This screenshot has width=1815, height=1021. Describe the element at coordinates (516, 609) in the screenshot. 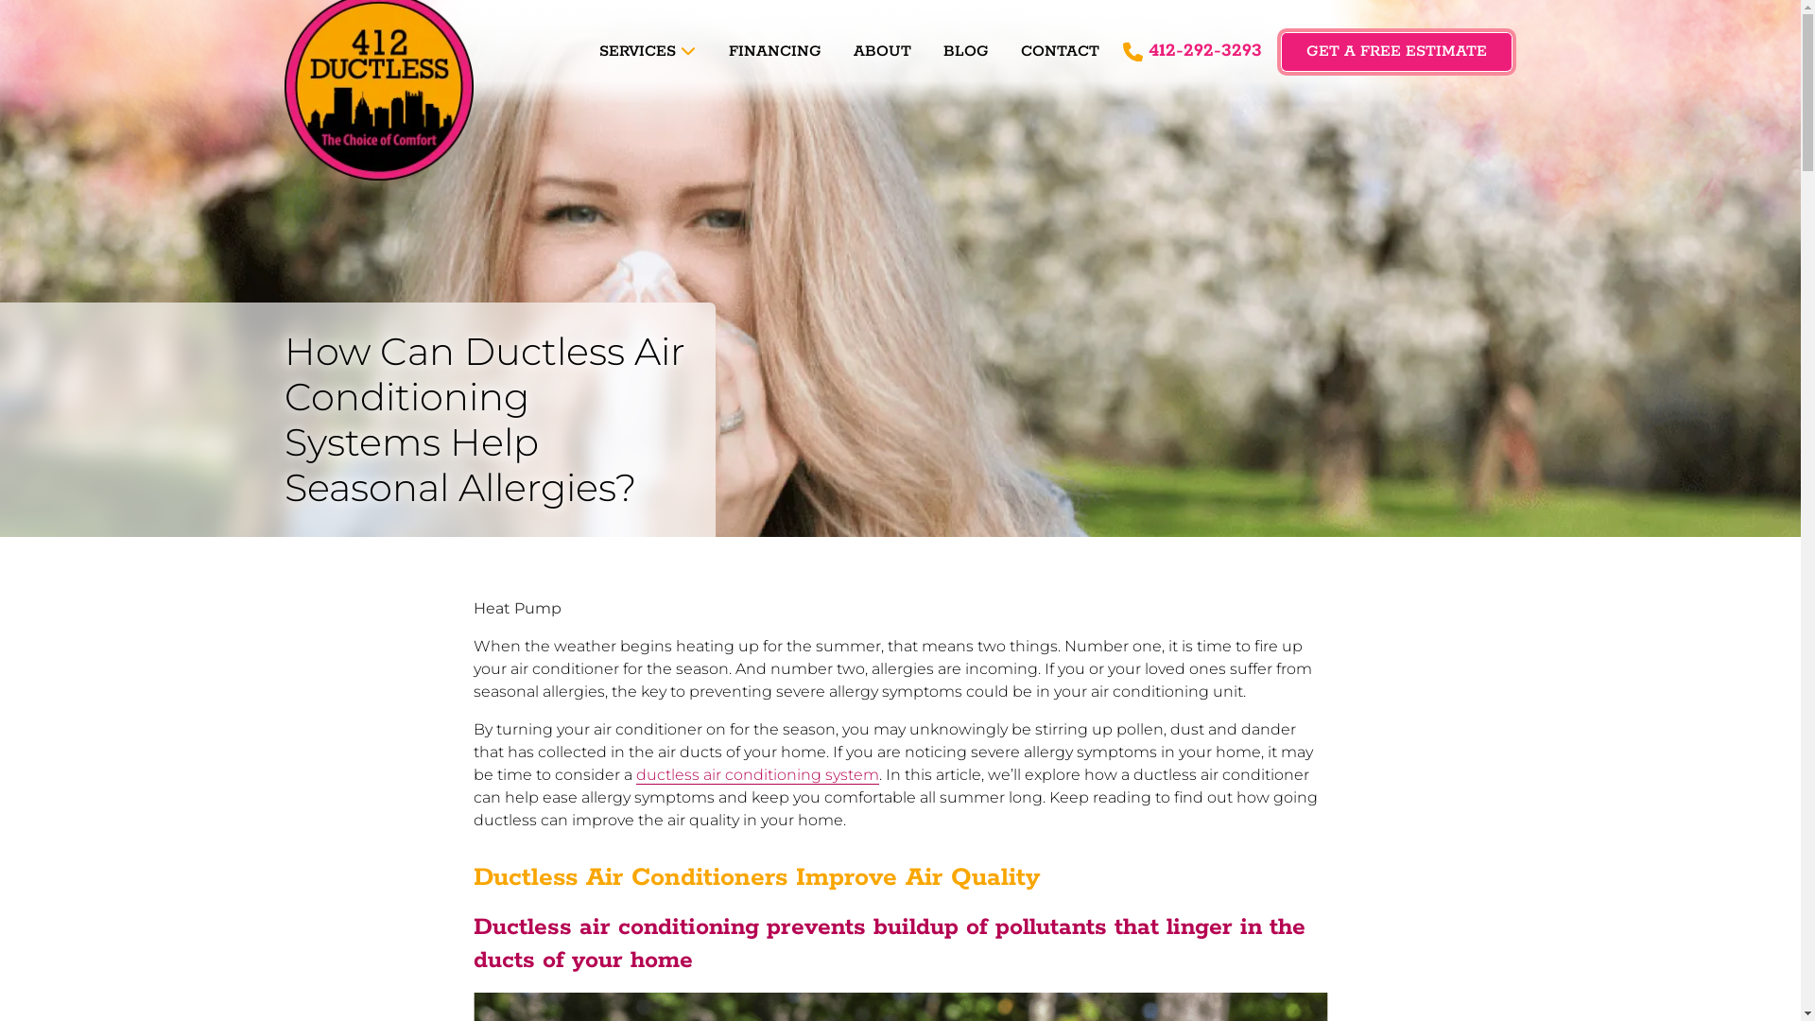

I see `'Heat Pump'` at that location.